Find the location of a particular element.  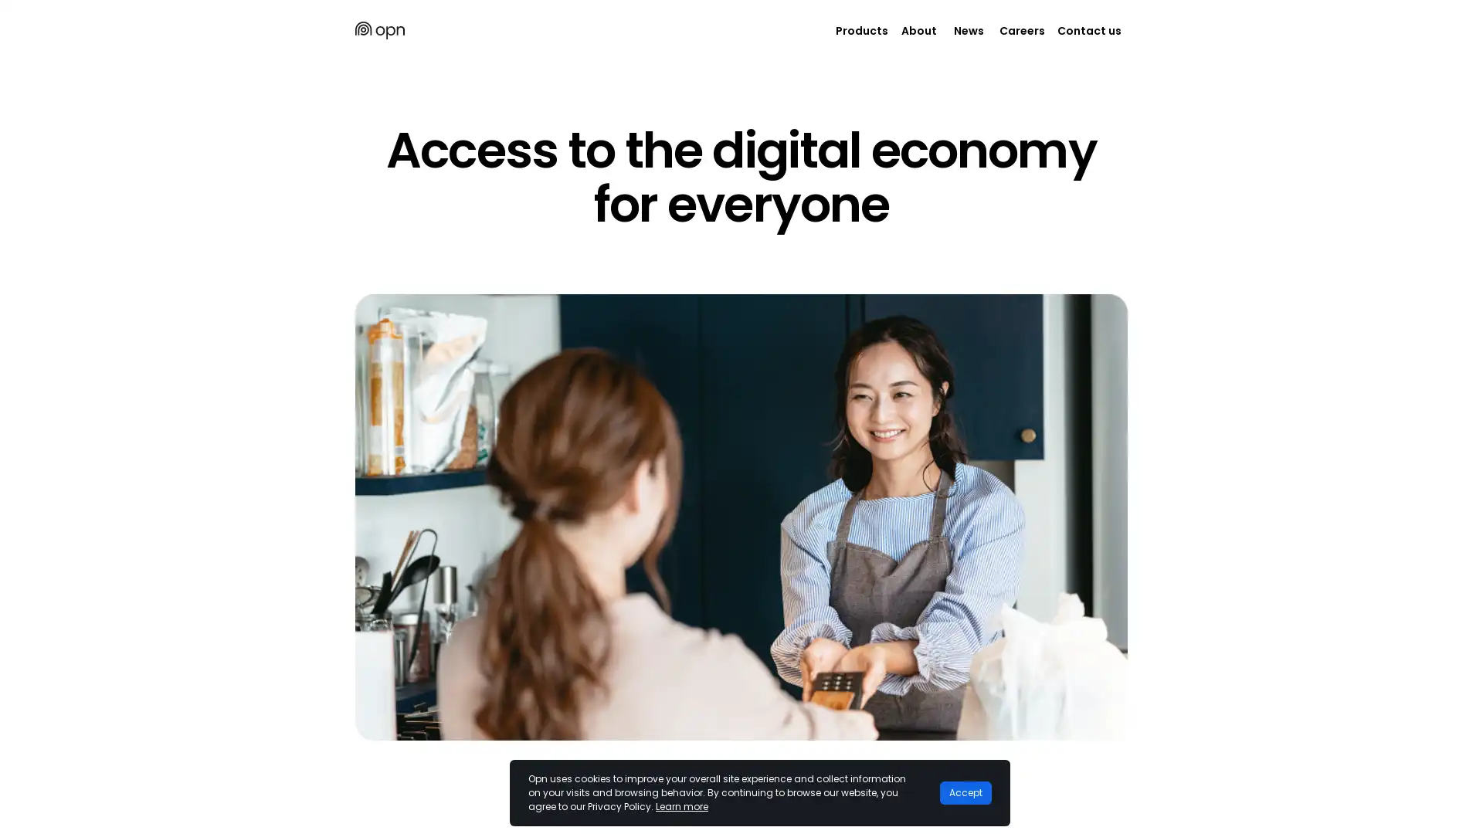

Contact us is located at coordinates (1088, 30).